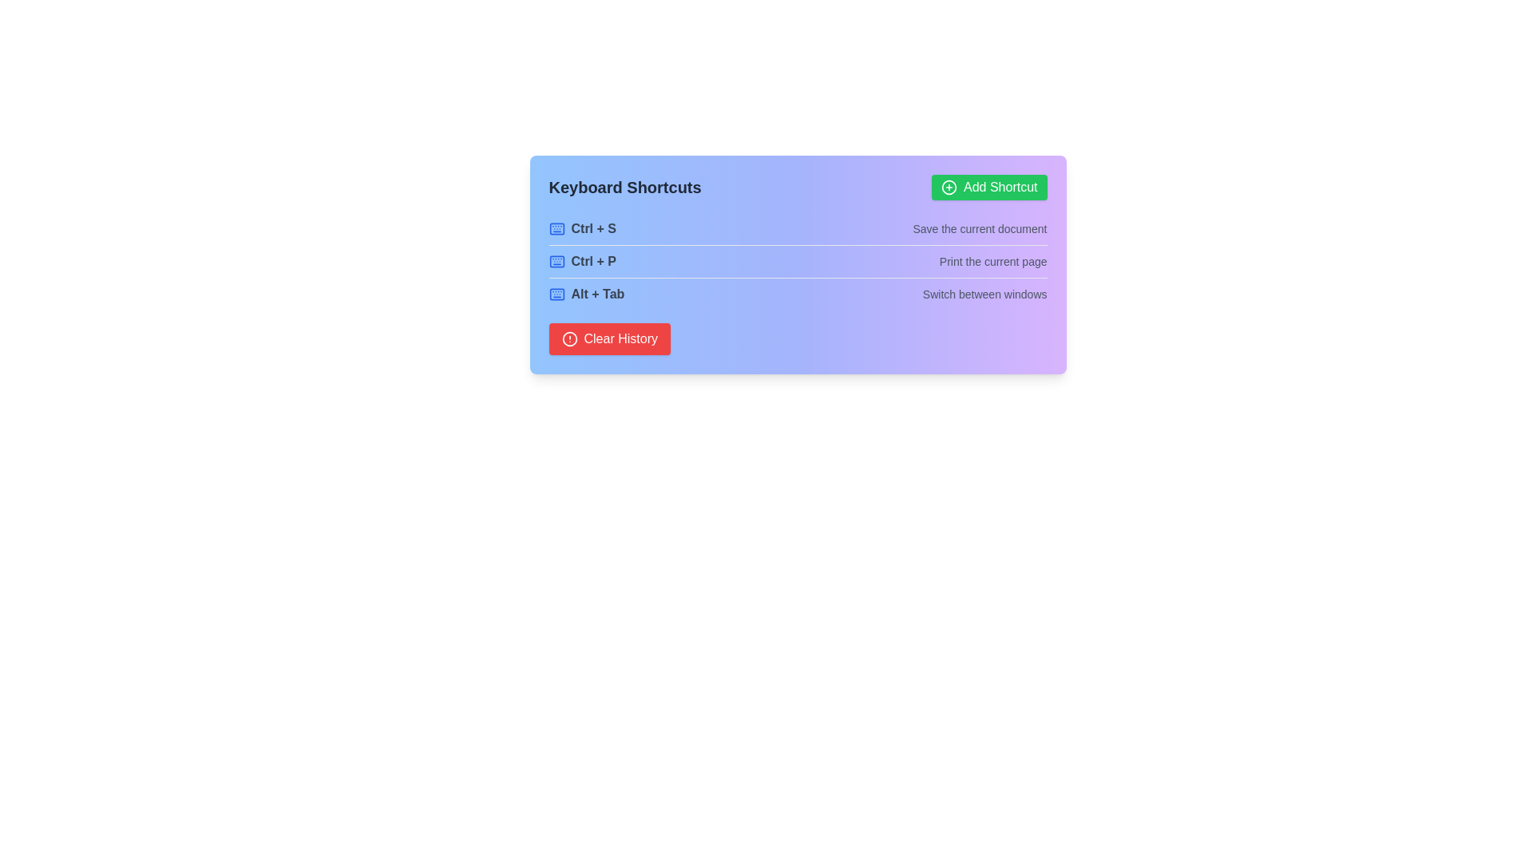  Describe the element at coordinates (949, 187) in the screenshot. I see `the circular outline within the 'Add Shortcut' icon located in the top-right section of the blue-purple gradient panel labeled 'Keyboard Shortcuts'` at that location.